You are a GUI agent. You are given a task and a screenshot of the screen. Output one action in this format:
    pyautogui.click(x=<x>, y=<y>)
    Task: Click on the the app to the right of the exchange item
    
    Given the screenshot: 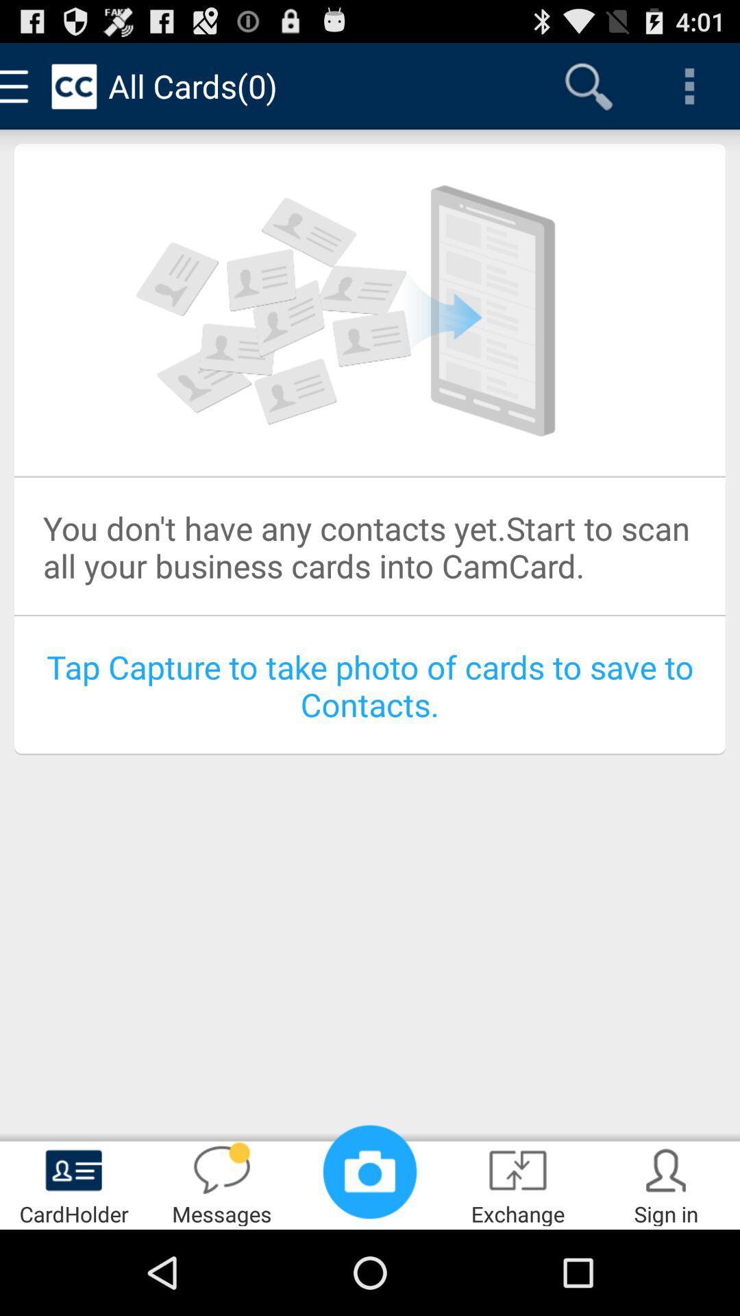 What is the action you would take?
    pyautogui.click(x=665, y=1183)
    